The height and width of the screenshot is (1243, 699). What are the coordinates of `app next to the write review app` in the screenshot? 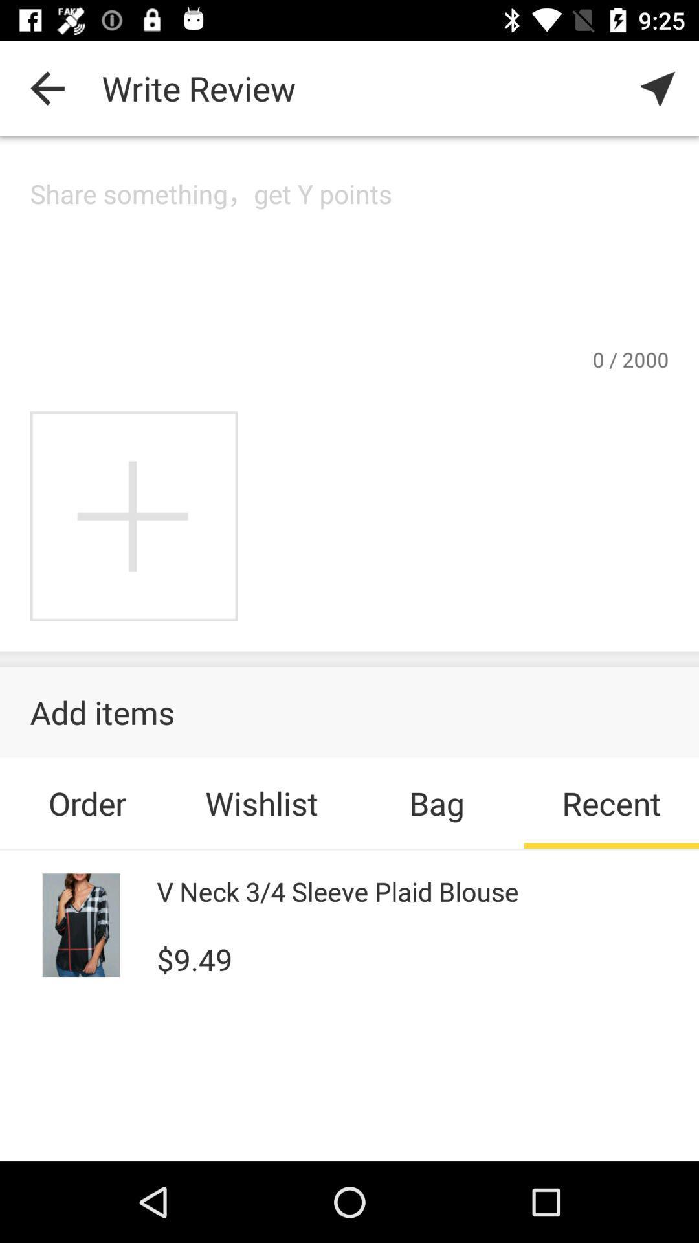 It's located at (47, 87).